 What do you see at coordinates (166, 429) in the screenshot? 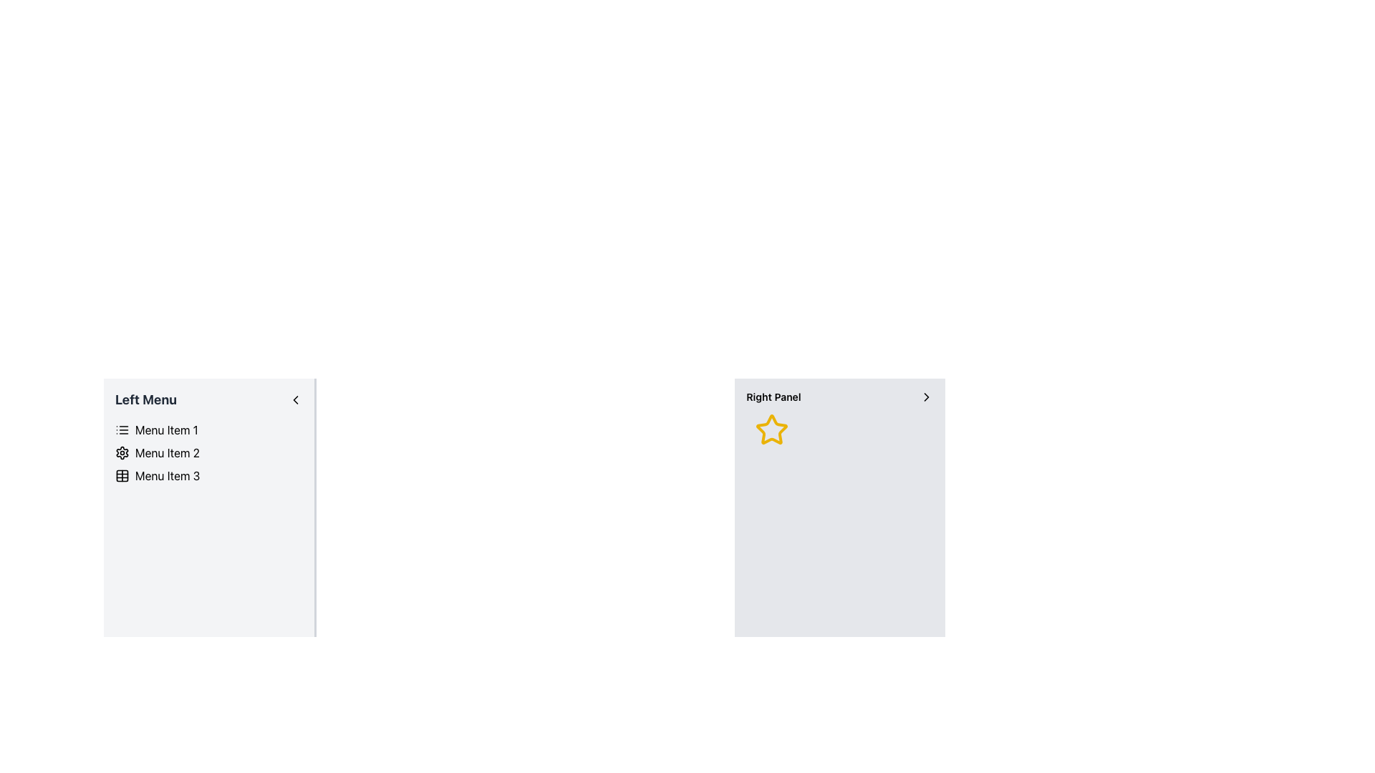
I see `the 'Menu Item 1' text label located in the left-hand menu panel, directly below the 'Left Menu' header` at bounding box center [166, 429].